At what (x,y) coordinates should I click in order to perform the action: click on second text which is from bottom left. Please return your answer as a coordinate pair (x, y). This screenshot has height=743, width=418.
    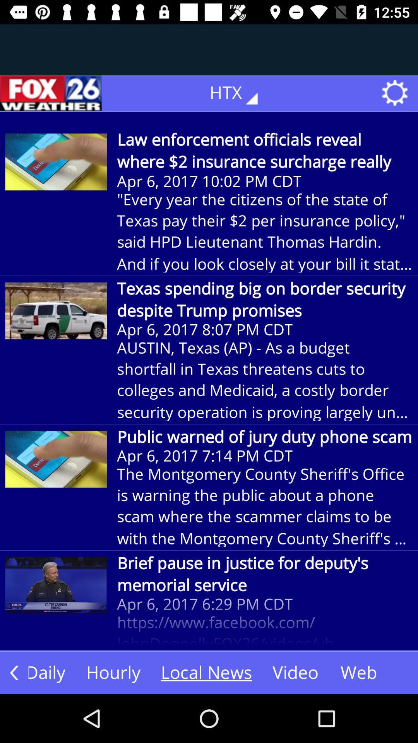
    Looking at the image, I should click on (113, 672).